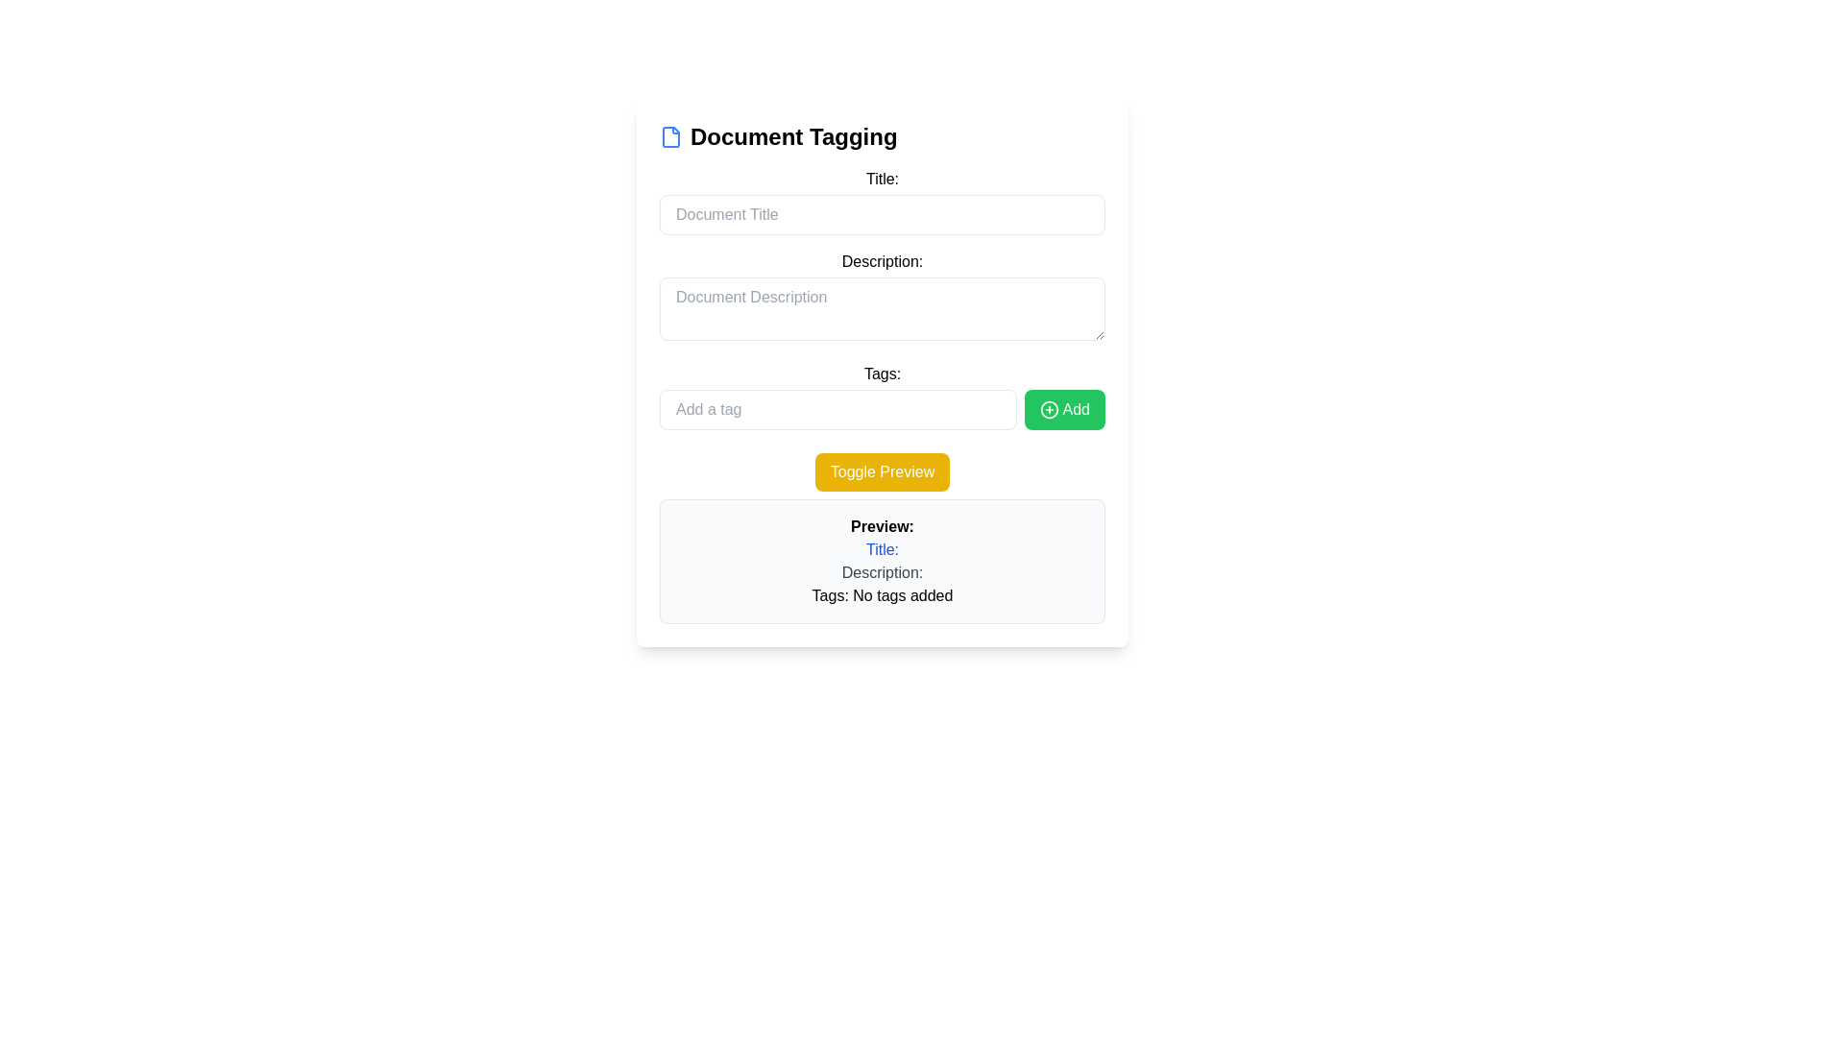 The image size is (1844, 1037). Describe the element at coordinates (837, 409) in the screenshot. I see `the tag input field to focus it for user input, located near the middle of the interface in the 'Tags' section` at that location.